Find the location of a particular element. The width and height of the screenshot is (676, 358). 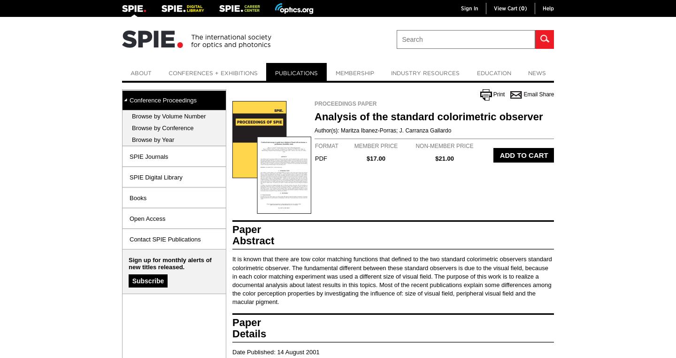

'Browse by Volume Number' is located at coordinates (169, 116).